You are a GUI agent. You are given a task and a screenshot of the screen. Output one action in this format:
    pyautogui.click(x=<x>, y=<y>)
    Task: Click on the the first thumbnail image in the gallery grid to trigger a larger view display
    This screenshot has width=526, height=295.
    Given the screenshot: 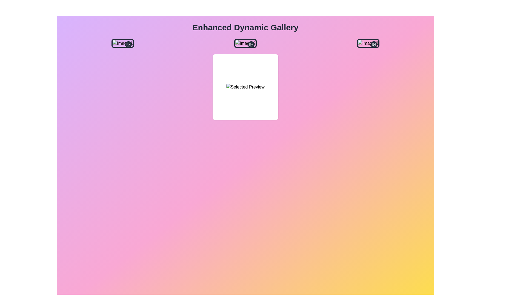 What is the action you would take?
    pyautogui.click(x=122, y=43)
    